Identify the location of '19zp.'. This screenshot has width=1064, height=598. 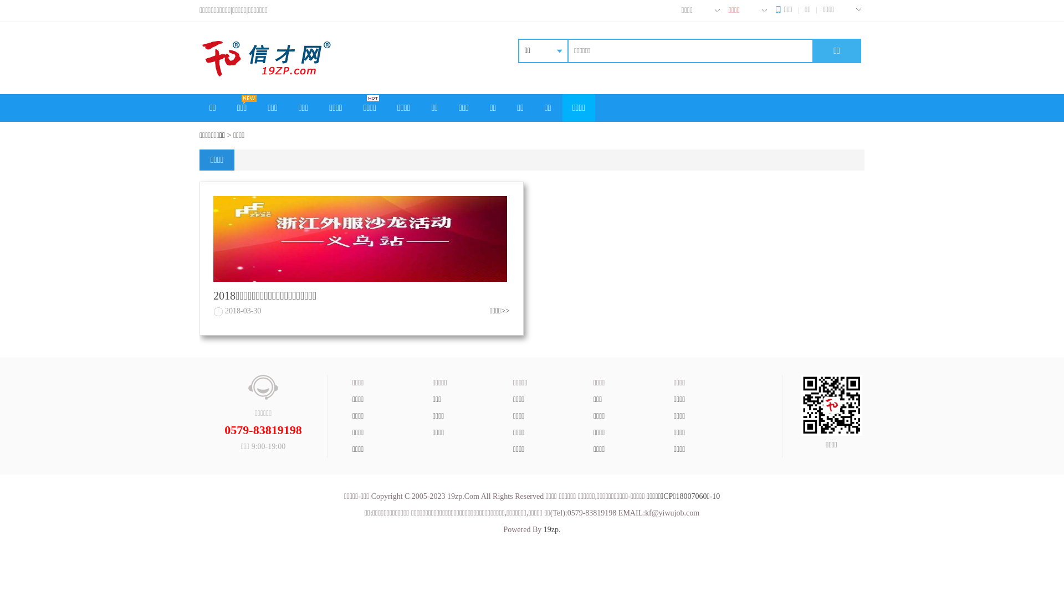
(543, 529).